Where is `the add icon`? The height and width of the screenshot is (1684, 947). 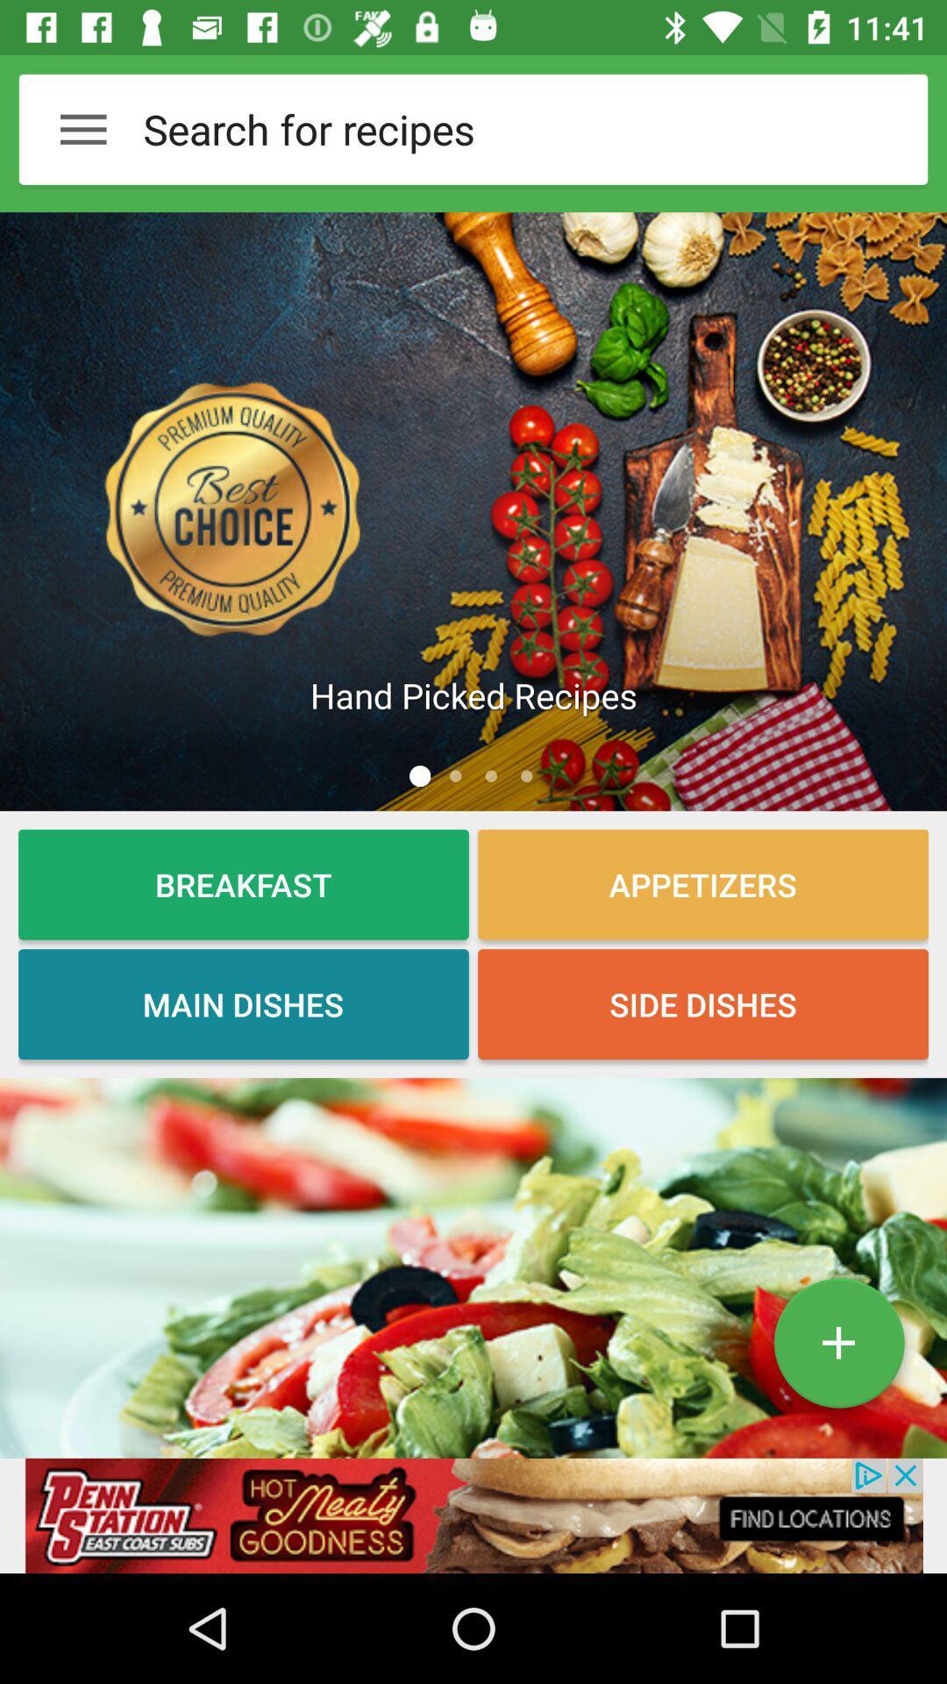 the add icon is located at coordinates (837, 1349).